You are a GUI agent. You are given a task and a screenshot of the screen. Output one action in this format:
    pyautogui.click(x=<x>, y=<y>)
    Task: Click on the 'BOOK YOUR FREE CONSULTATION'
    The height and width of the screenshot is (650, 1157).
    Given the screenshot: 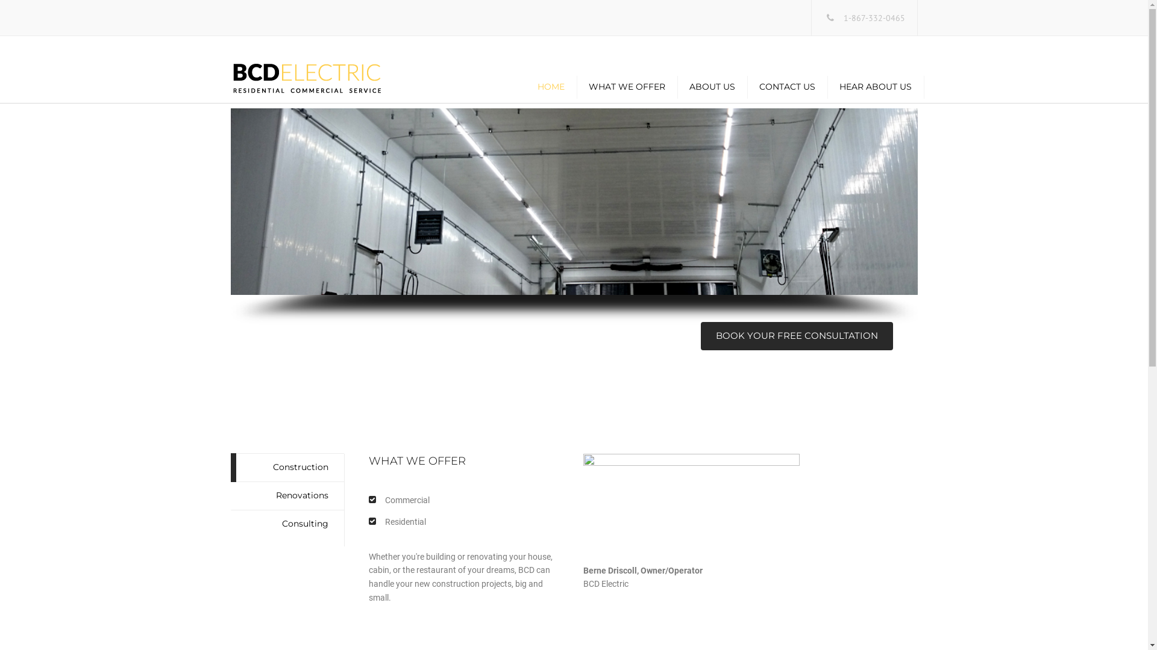 What is the action you would take?
    pyautogui.click(x=796, y=336)
    